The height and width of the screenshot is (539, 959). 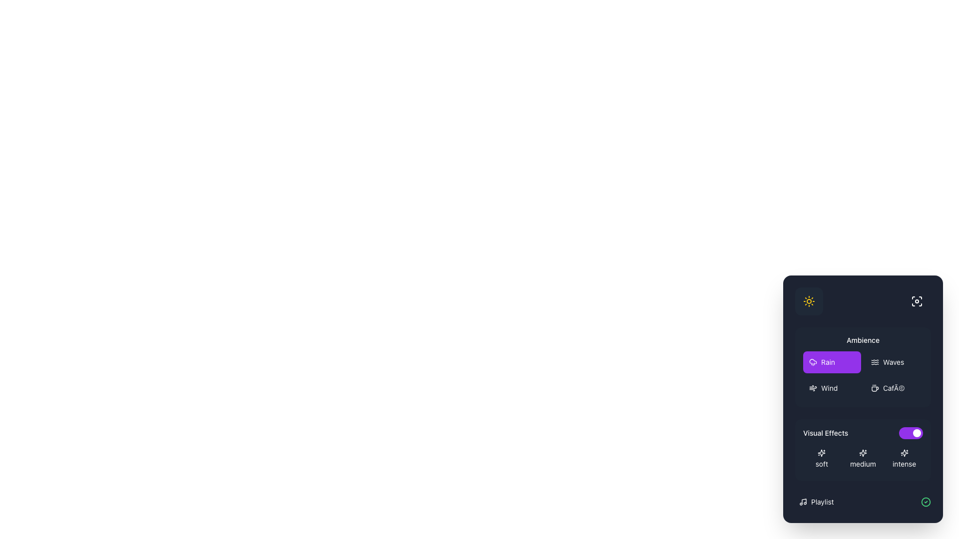 I want to click on the circular toggle indicator located in the upper-right corner of the toggle switch in the 'Visual Effects' section, so click(x=917, y=432).